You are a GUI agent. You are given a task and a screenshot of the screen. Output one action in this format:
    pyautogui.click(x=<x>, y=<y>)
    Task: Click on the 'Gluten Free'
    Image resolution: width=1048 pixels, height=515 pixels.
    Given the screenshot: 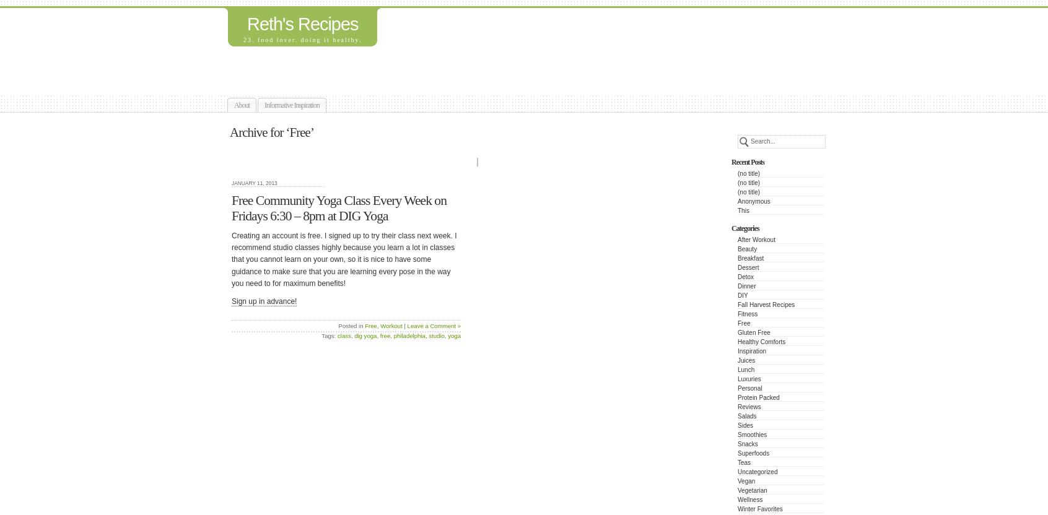 What is the action you would take?
    pyautogui.click(x=754, y=332)
    